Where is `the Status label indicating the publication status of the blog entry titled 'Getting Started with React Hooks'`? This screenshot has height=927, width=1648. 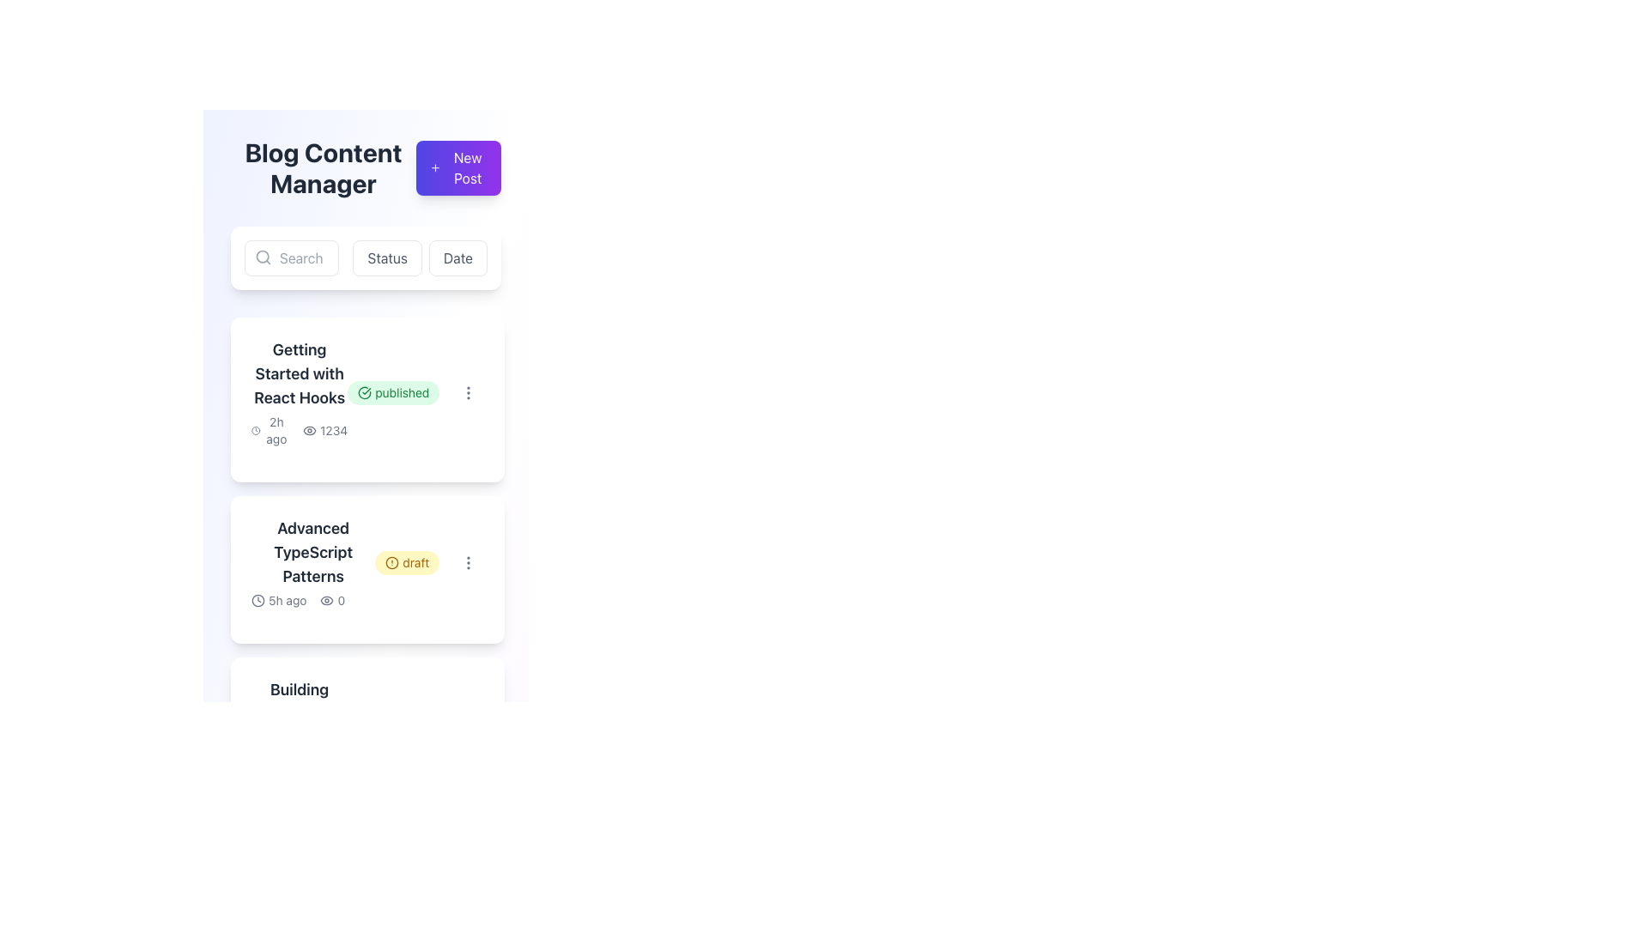
the Status label indicating the publication status of the blog entry titled 'Getting Started with React Hooks' is located at coordinates (392, 393).